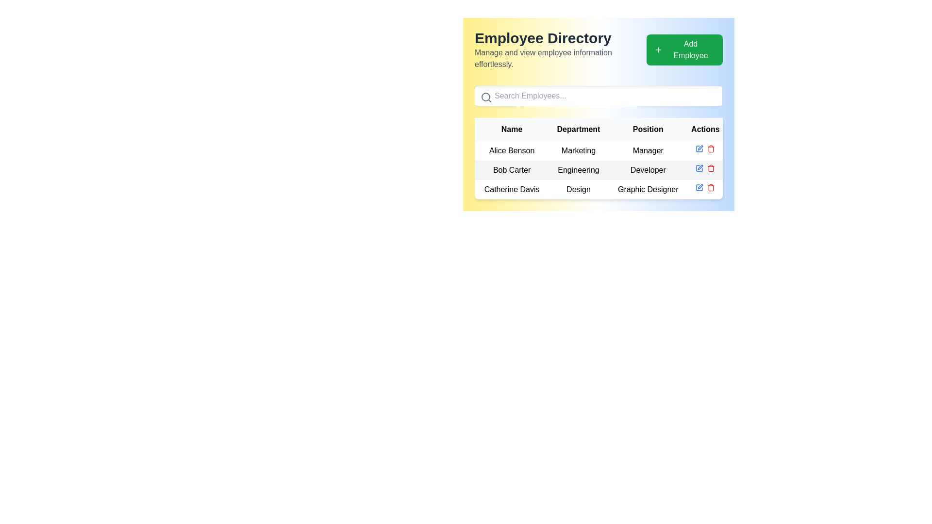 This screenshot has width=932, height=524. What do you see at coordinates (700, 147) in the screenshot?
I see `the pen-shaped icon in the 'Actions' column for the second employee, Bob Carter, which is used for editing functions` at bounding box center [700, 147].